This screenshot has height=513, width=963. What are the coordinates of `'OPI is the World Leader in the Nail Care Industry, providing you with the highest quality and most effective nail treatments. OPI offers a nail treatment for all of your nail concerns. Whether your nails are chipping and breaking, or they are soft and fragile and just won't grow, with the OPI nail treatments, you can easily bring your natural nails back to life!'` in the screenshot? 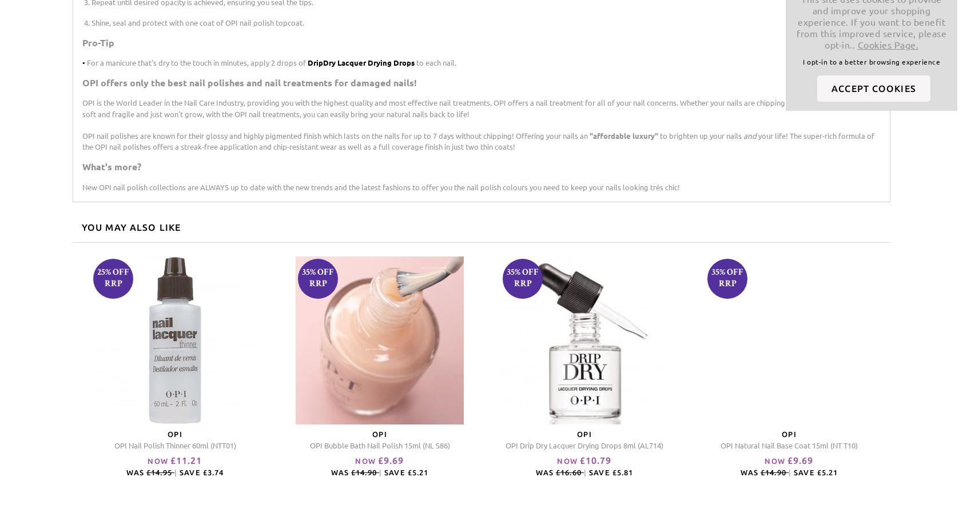 It's located at (476, 107).